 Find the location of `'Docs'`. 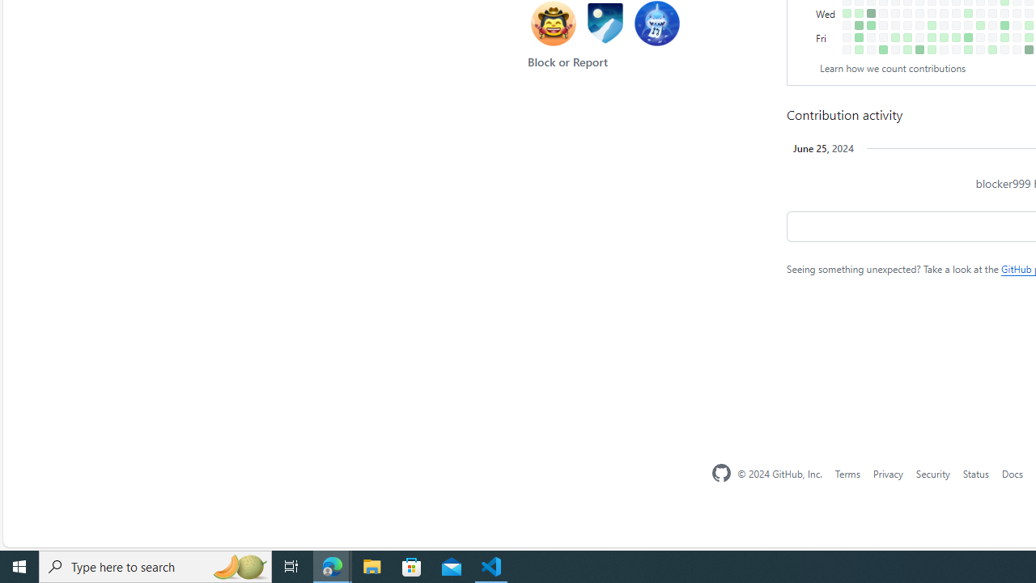

'Docs' is located at coordinates (1011, 473).